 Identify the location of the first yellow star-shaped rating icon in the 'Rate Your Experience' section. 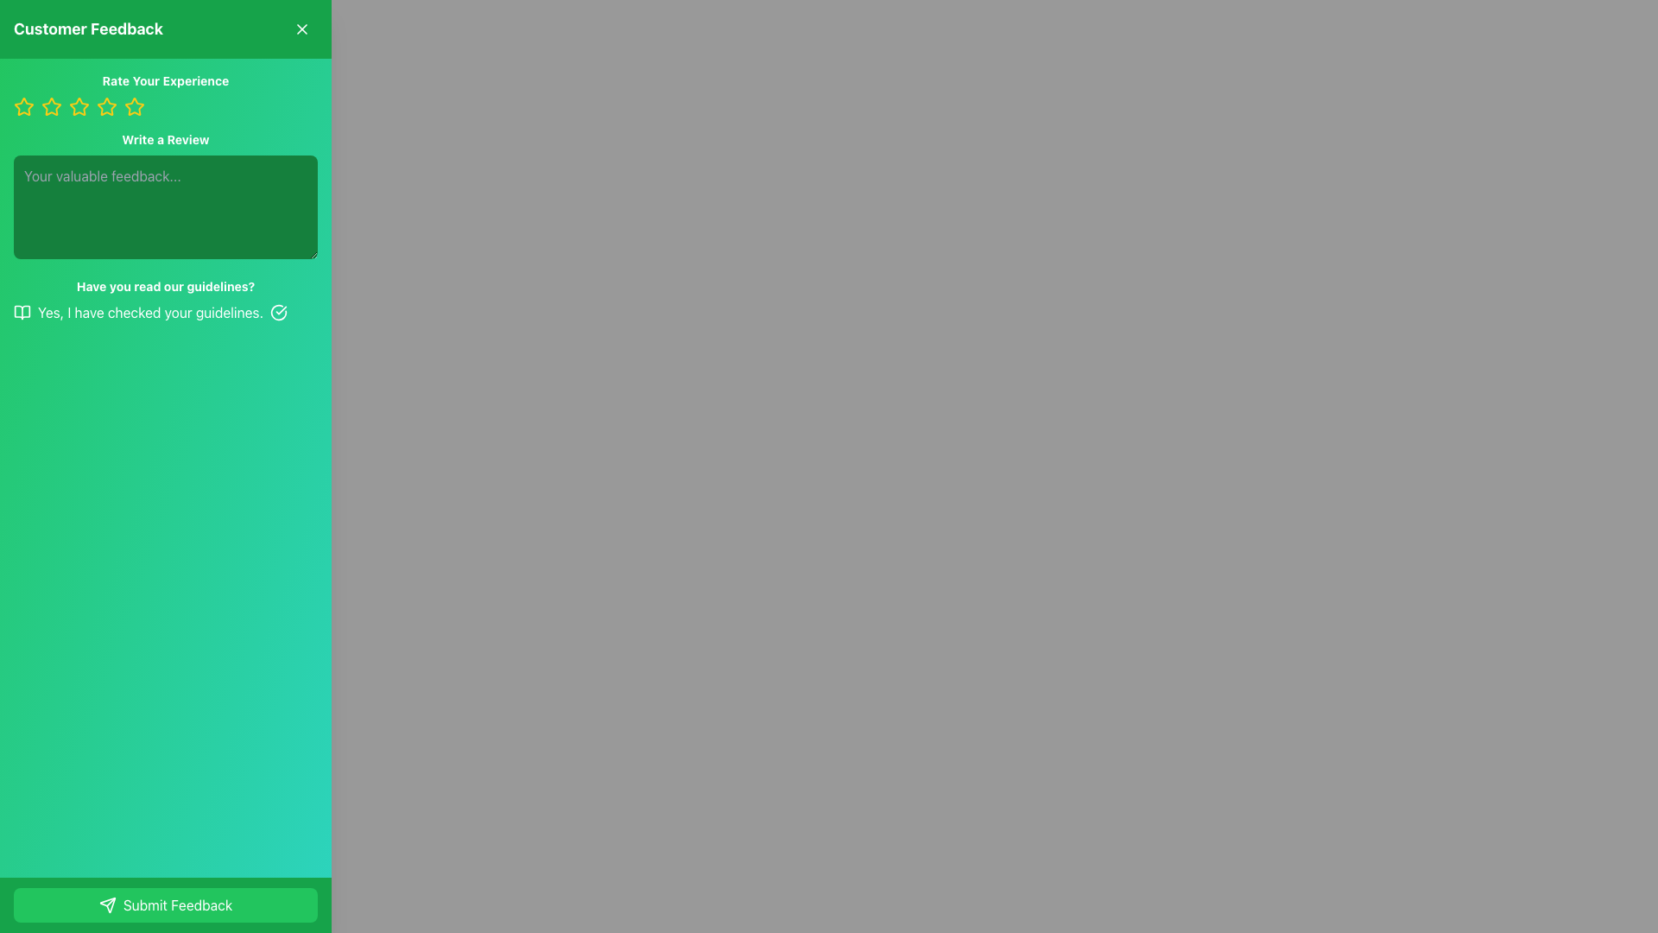
(24, 106).